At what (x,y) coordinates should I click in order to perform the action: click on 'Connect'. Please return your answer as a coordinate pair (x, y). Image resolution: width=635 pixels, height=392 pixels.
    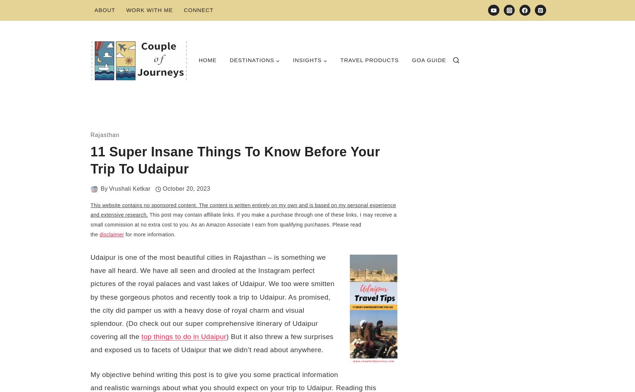
    Looking at the image, I should click on (198, 9).